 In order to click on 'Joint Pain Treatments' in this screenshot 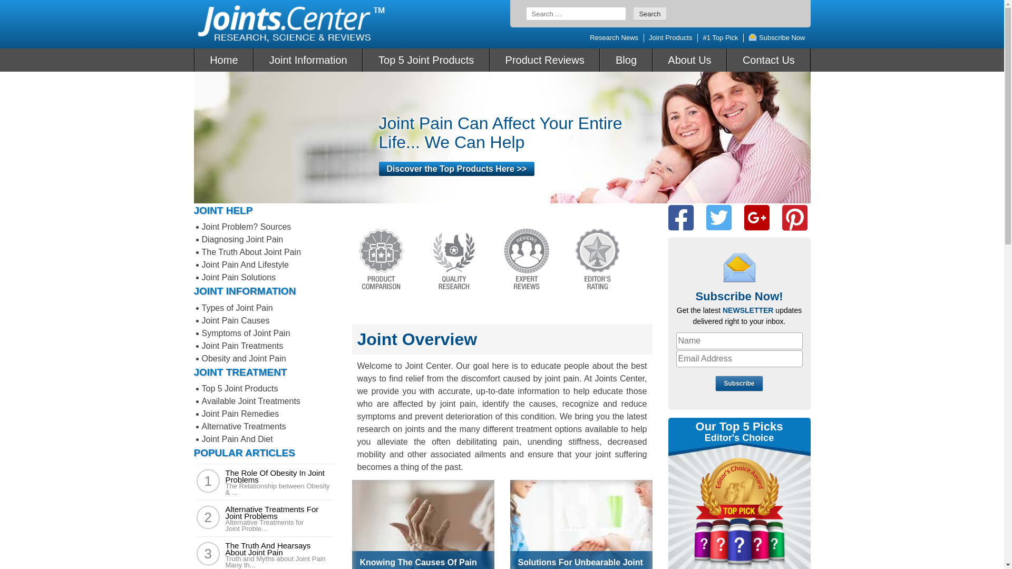, I will do `click(241, 346)`.